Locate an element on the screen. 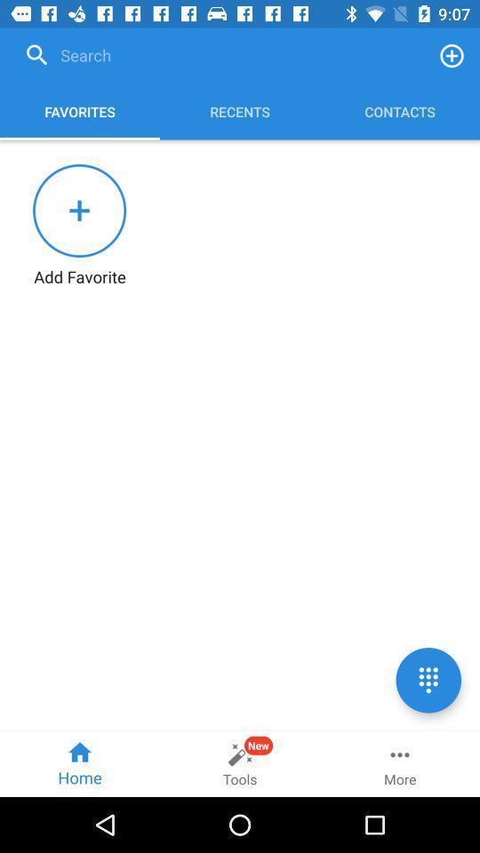 The image size is (480, 853). toggles a add function in the app is located at coordinates (452, 55).